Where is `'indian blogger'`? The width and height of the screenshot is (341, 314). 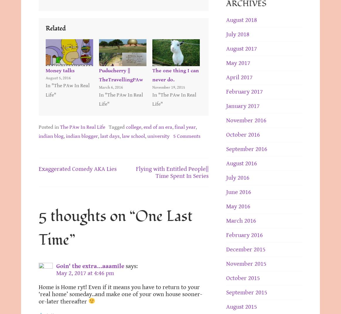
'indian blogger' is located at coordinates (81, 136).